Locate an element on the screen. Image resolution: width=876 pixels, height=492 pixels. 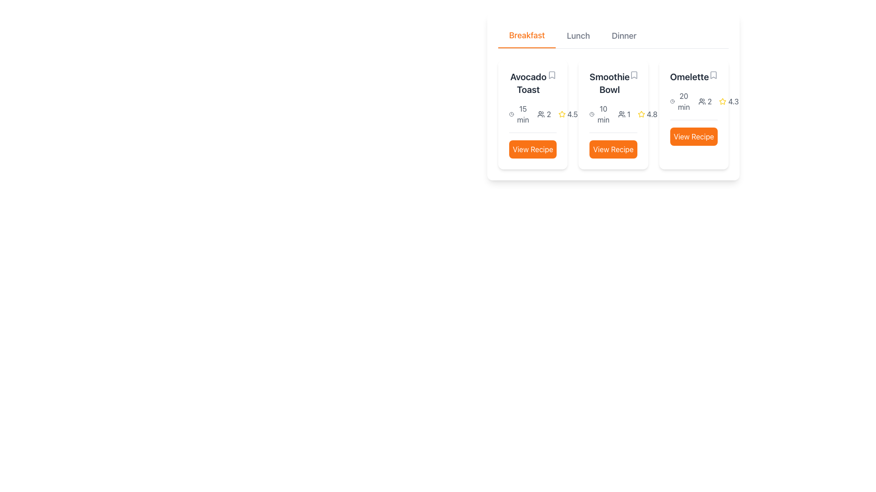
displayed information of the Informational display located below the title 'Avocado Toast' and above the 'View Recipe' button, which shows '15 min' with a clock icon on the left and '2' with a group icon on the right is located at coordinates (533, 113).